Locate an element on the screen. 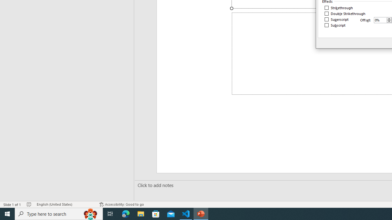 This screenshot has width=392, height=220. 'Accessibility Checker Accessibility: Good to go' is located at coordinates (122, 204).